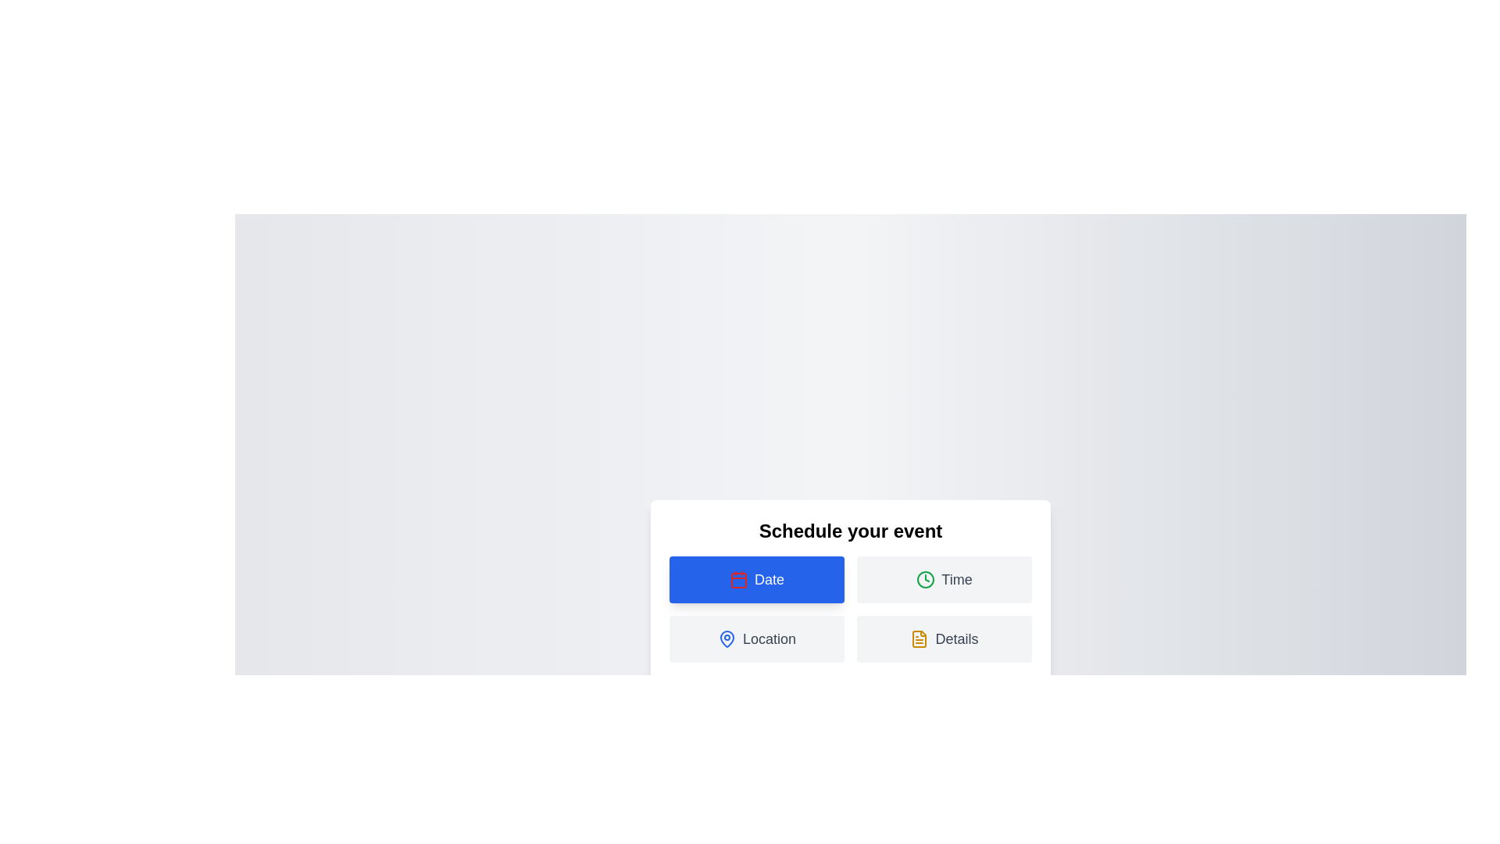  I want to click on the calendar icon, which is a red outlined rectangle with rounded corners located inside the blue 'Date' button in the top-left quadrant, so click(737, 579).